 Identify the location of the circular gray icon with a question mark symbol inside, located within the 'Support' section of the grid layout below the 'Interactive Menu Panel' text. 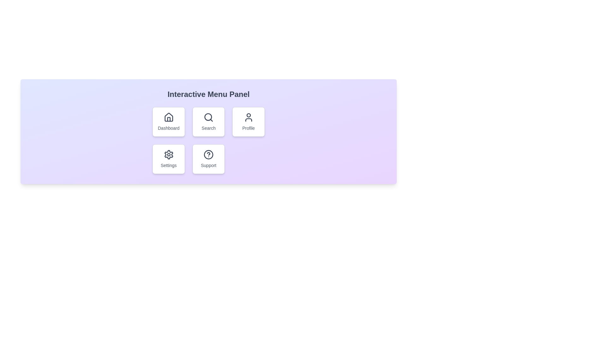
(209, 154).